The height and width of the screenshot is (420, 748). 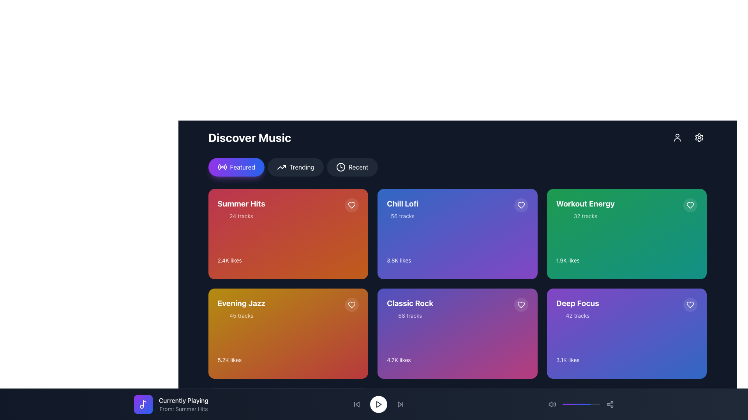 What do you see at coordinates (690, 205) in the screenshot?
I see `the Heart button located at the top right corner of the 'Workout Energy' card to favorite the card` at bounding box center [690, 205].